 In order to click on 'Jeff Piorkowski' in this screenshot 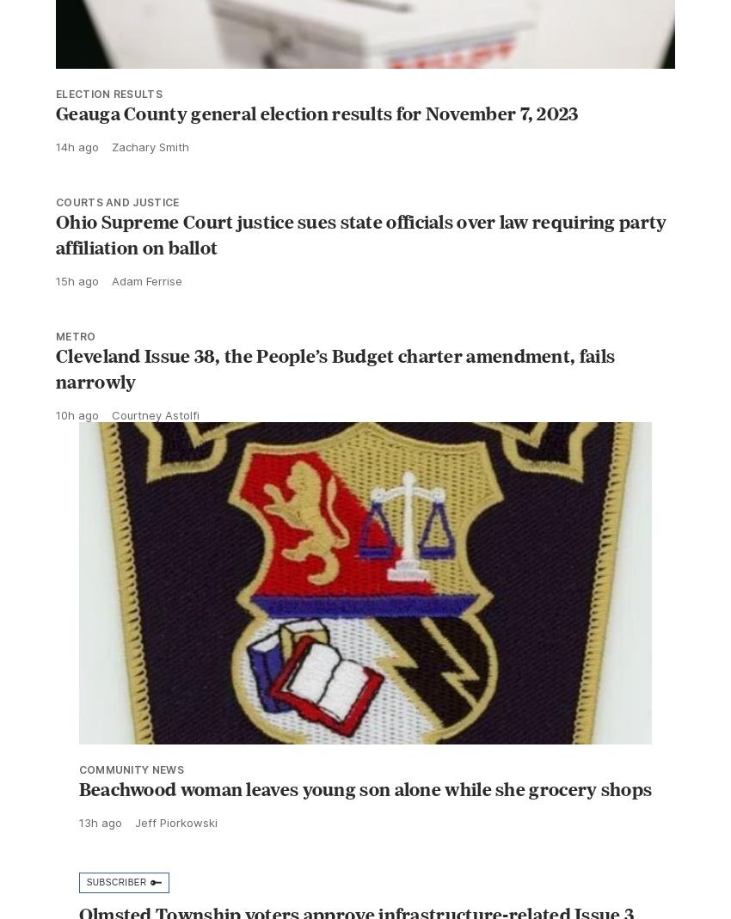, I will do `click(133, 861)`.